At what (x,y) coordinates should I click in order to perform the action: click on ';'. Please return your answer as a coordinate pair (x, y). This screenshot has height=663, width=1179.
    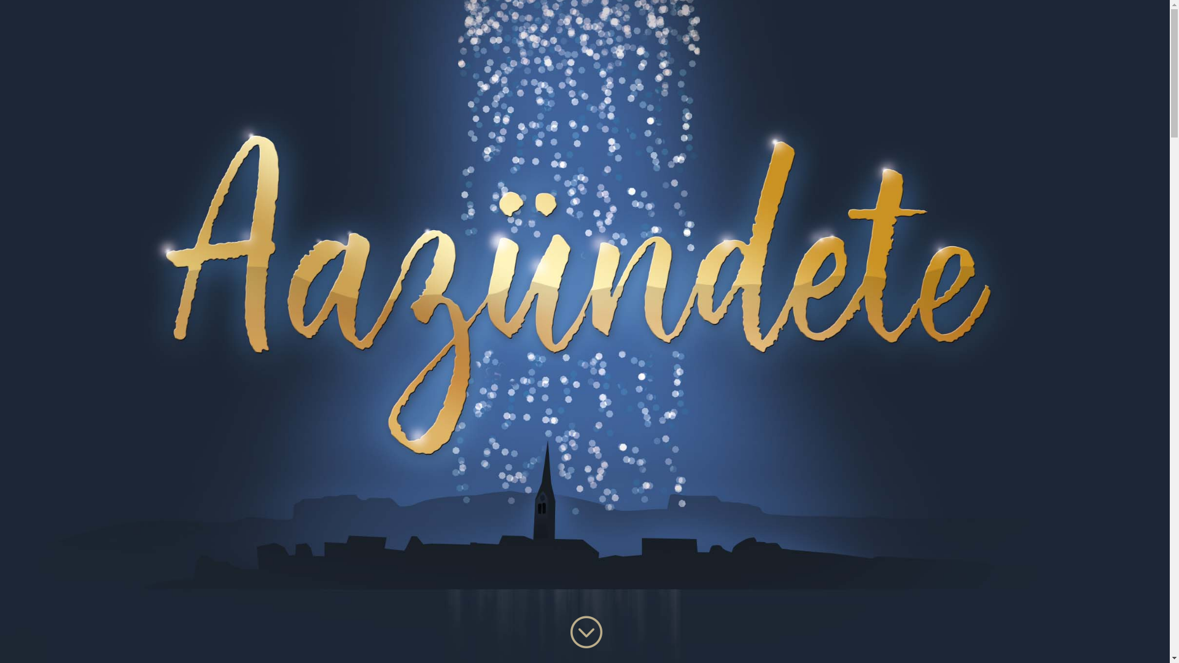
    Looking at the image, I should click on (567, 632).